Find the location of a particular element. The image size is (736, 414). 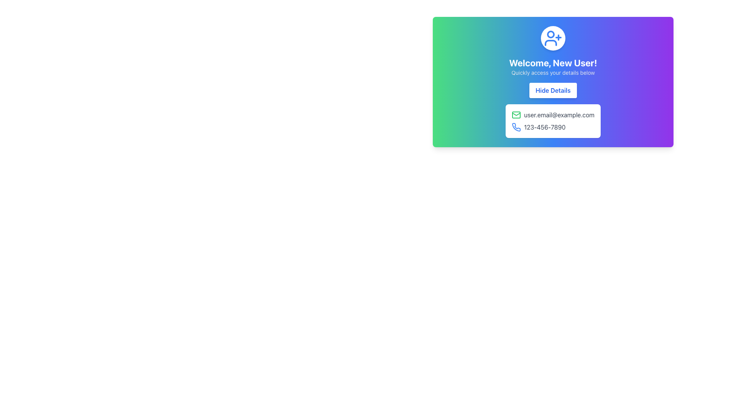

the icon representing the function for adding or inviting a user, which is located at the top center of a card-like UI element with a gradient background, enclosed within a circular white background with blue accents, above the header text 'Welcome, New User!' is located at coordinates (553, 38).